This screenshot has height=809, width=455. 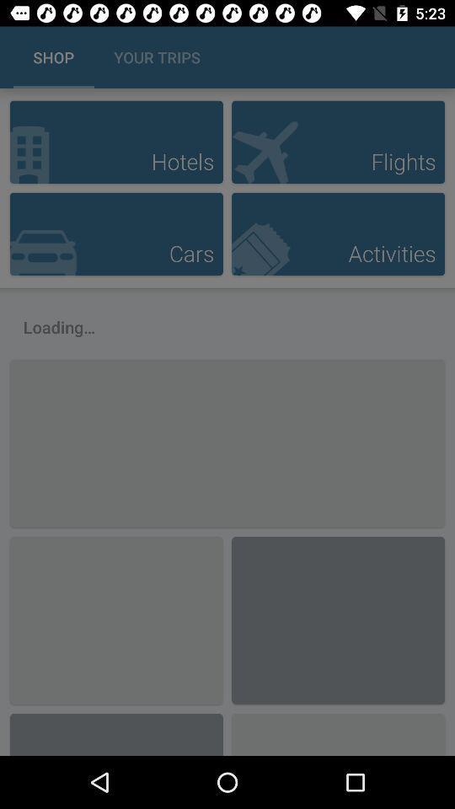 What do you see at coordinates (338, 233) in the screenshot?
I see `activities` at bounding box center [338, 233].